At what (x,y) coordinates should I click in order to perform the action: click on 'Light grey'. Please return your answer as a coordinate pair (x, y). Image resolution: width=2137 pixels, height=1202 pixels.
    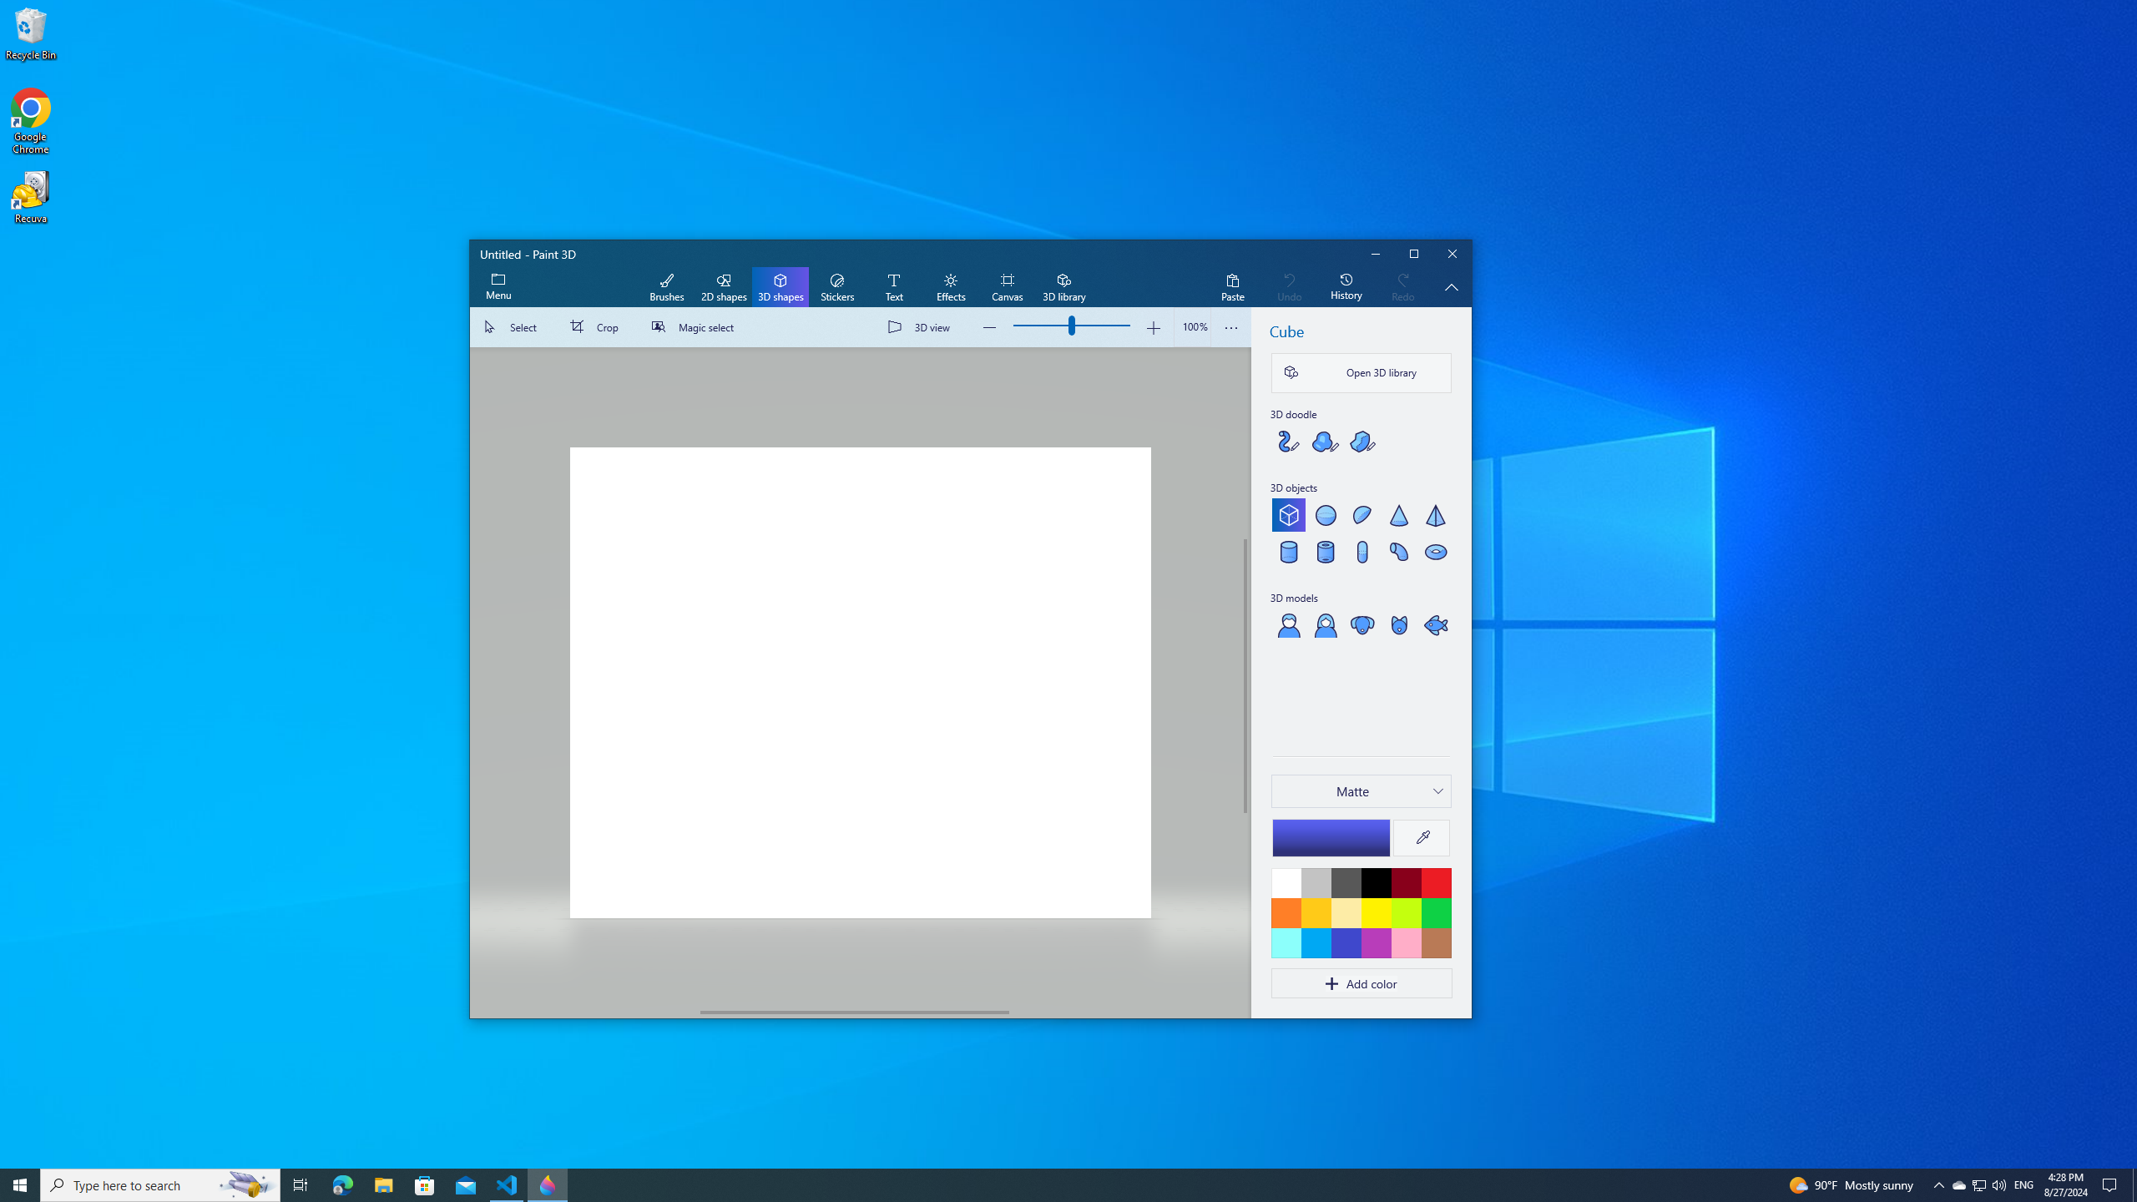
    Looking at the image, I should click on (1315, 882).